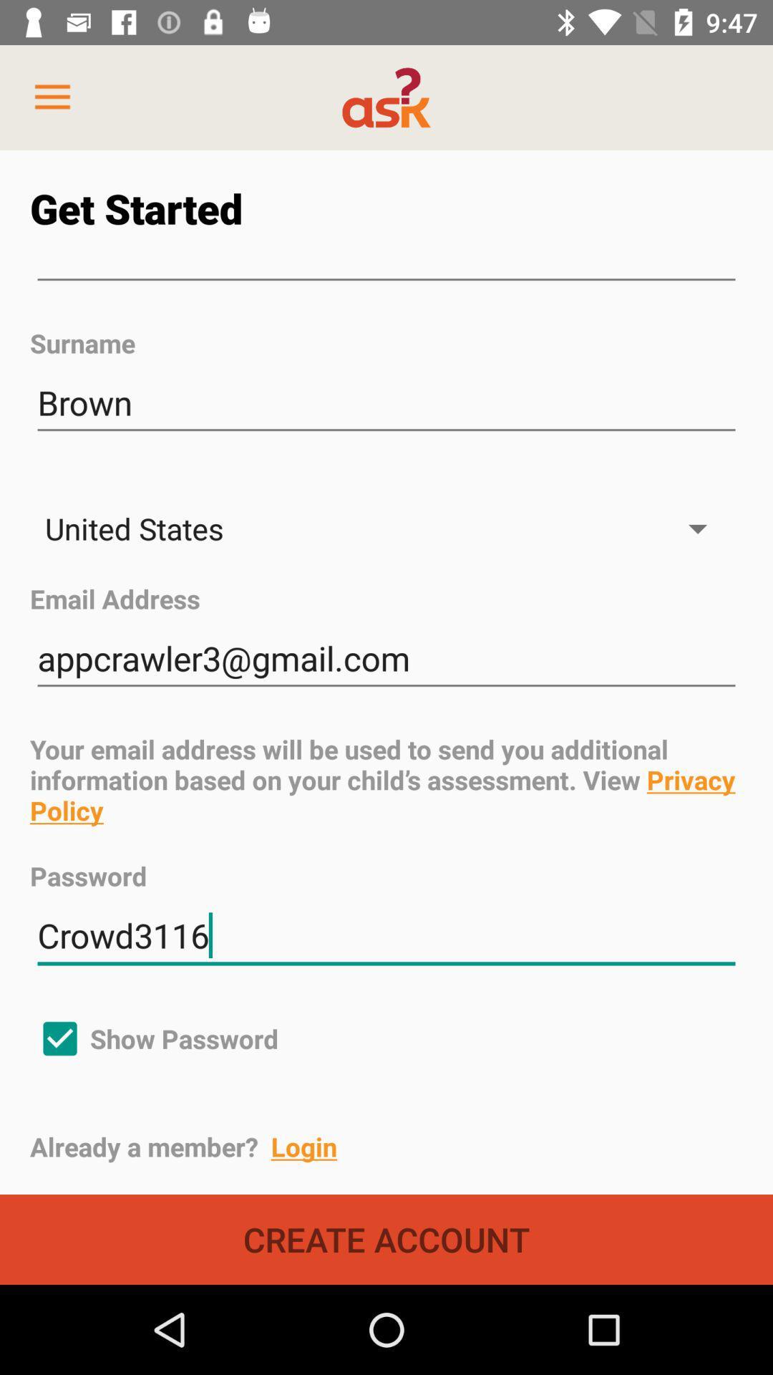 Image resolution: width=773 pixels, height=1375 pixels. What do you see at coordinates (386, 280) in the screenshot?
I see `icon above the surname item` at bounding box center [386, 280].